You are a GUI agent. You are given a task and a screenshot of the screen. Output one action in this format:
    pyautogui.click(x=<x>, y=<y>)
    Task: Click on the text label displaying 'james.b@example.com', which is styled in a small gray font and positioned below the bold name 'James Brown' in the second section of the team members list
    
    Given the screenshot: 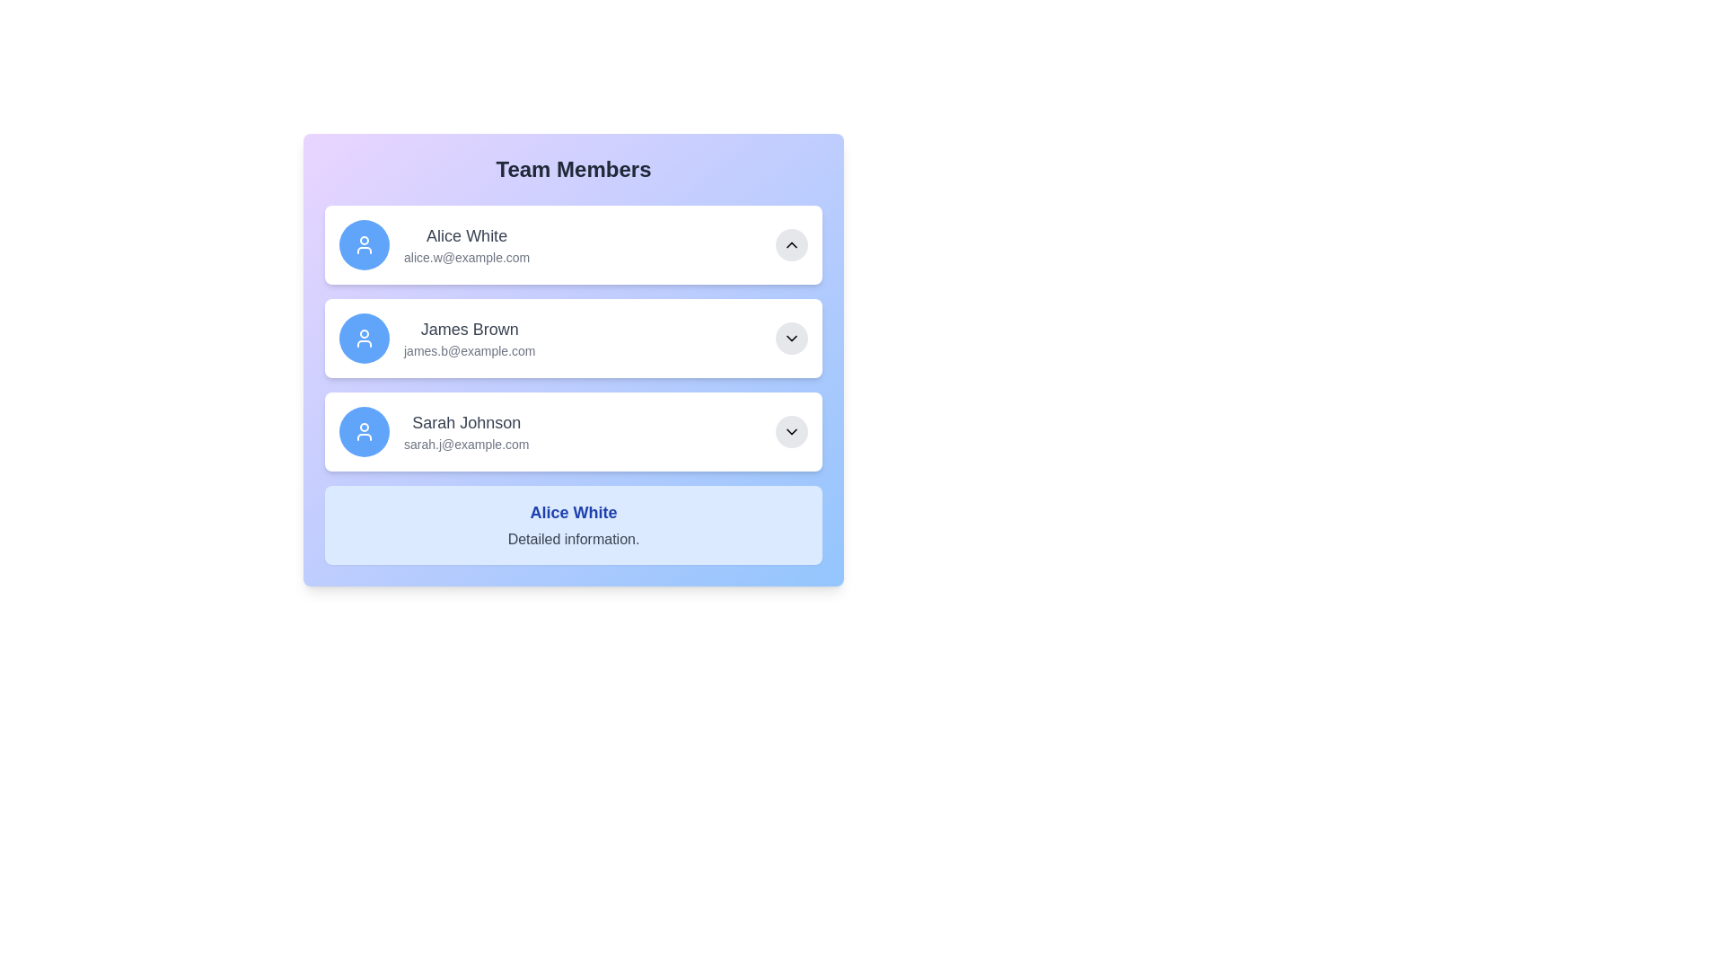 What is the action you would take?
    pyautogui.click(x=470, y=350)
    